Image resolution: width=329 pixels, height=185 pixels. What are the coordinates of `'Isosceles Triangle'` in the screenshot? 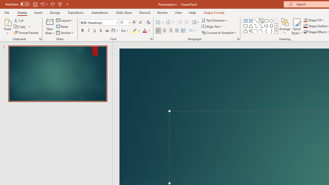 It's located at (251, 26).